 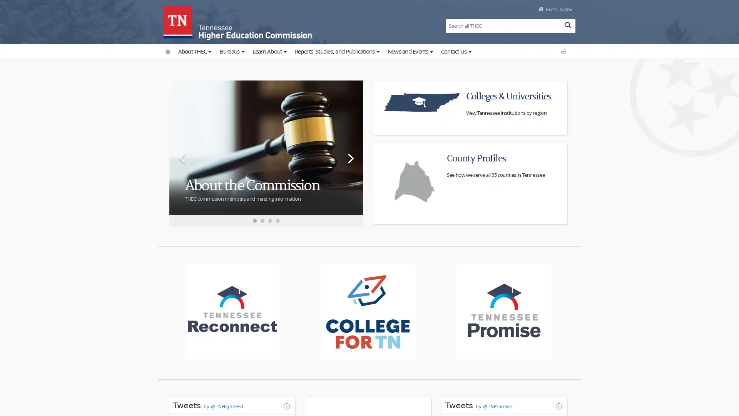 What do you see at coordinates (567, 25) in the screenshot?
I see `Search` at bounding box center [567, 25].